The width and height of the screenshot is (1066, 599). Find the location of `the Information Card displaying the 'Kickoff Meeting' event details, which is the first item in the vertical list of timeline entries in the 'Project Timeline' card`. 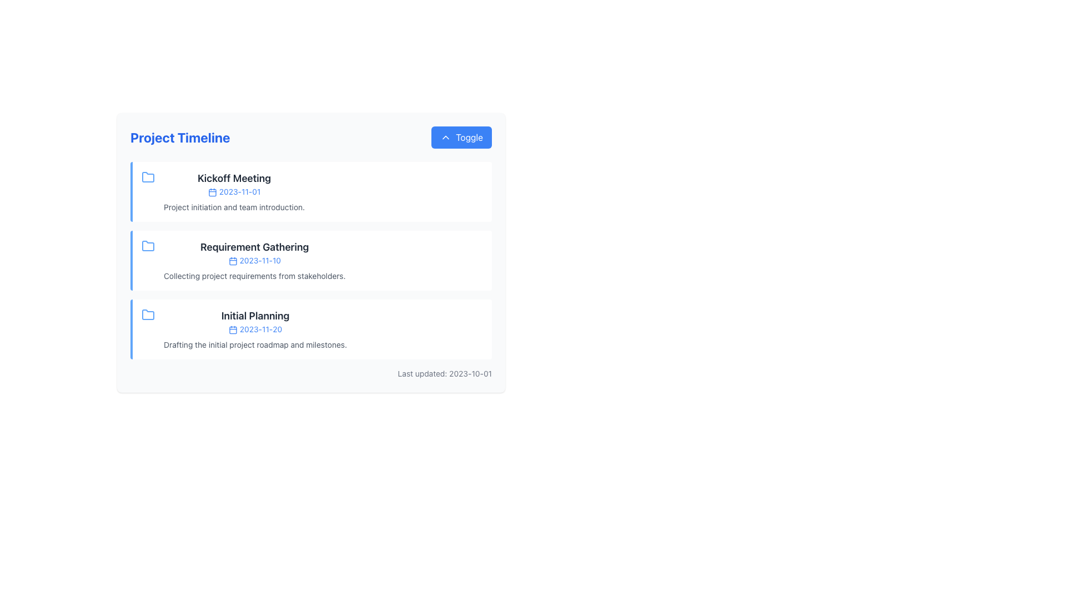

the Information Card displaying the 'Kickoff Meeting' event details, which is the first item in the vertical list of timeline entries in the 'Project Timeline' card is located at coordinates (311, 191).